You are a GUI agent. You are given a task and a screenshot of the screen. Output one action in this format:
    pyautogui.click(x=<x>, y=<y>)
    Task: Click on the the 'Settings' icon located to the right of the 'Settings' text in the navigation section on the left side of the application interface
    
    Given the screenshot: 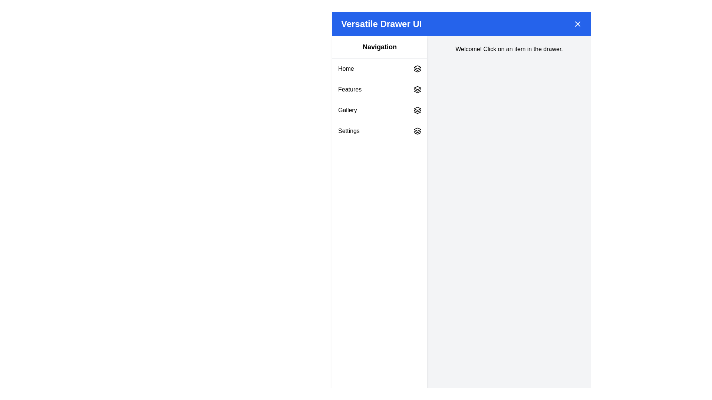 What is the action you would take?
    pyautogui.click(x=418, y=131)
    